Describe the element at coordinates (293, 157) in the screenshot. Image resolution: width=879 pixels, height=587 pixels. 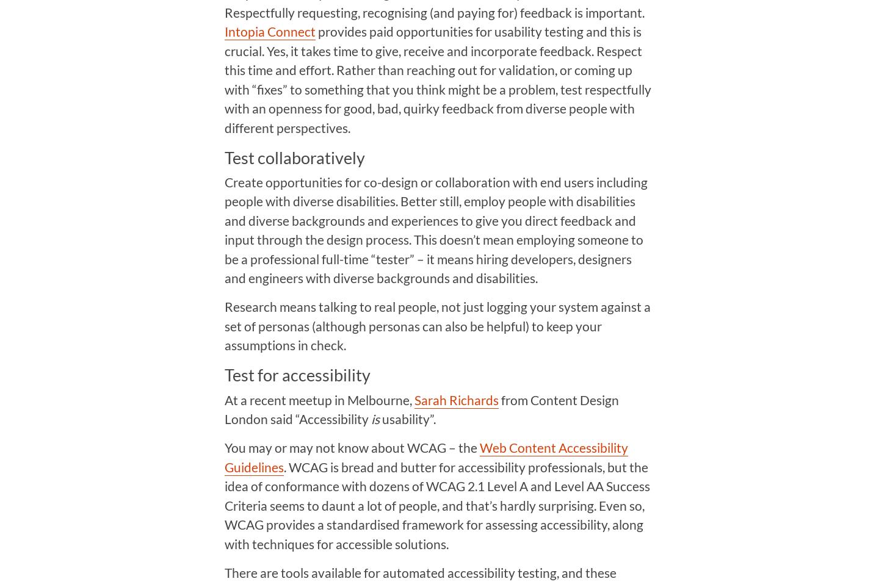
I see `'Test collaboratively'` at that location.